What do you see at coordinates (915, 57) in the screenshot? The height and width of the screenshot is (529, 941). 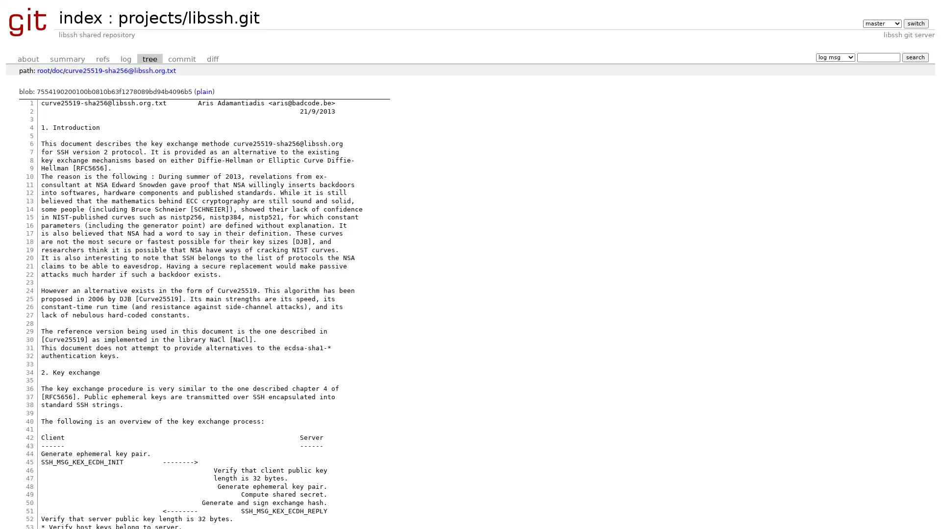 I see `search` at bounding box center [915, 57].